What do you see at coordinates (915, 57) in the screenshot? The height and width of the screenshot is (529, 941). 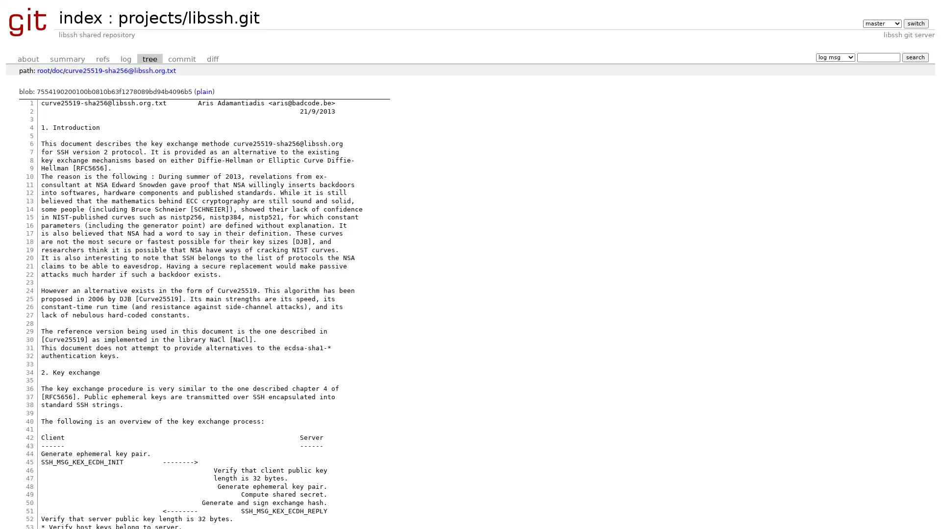 I see `search` at bounding box center [915, 57].